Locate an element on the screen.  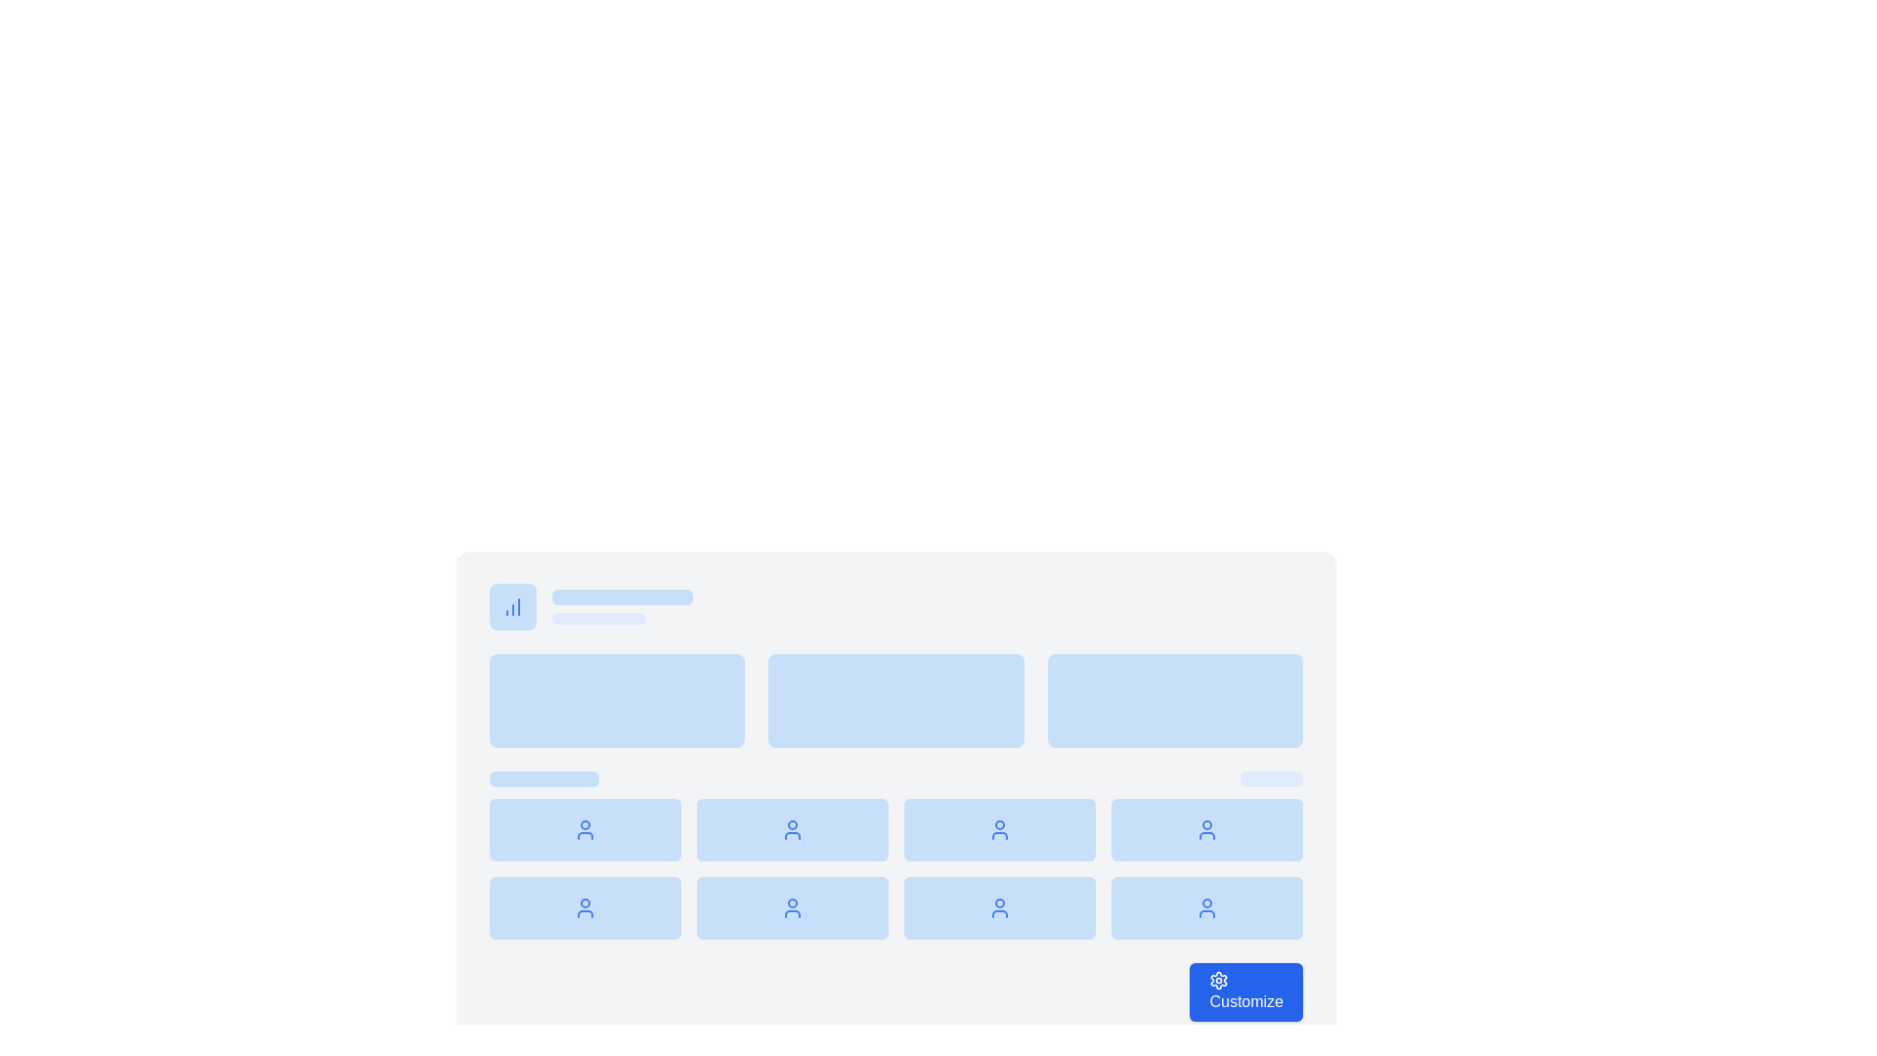
the rectangular card with a light blue background and rounded corners that contains a small user icon in the center, styled in a darker blue color, located in the upper left corner of the layout is located at coordinates (585, 829).